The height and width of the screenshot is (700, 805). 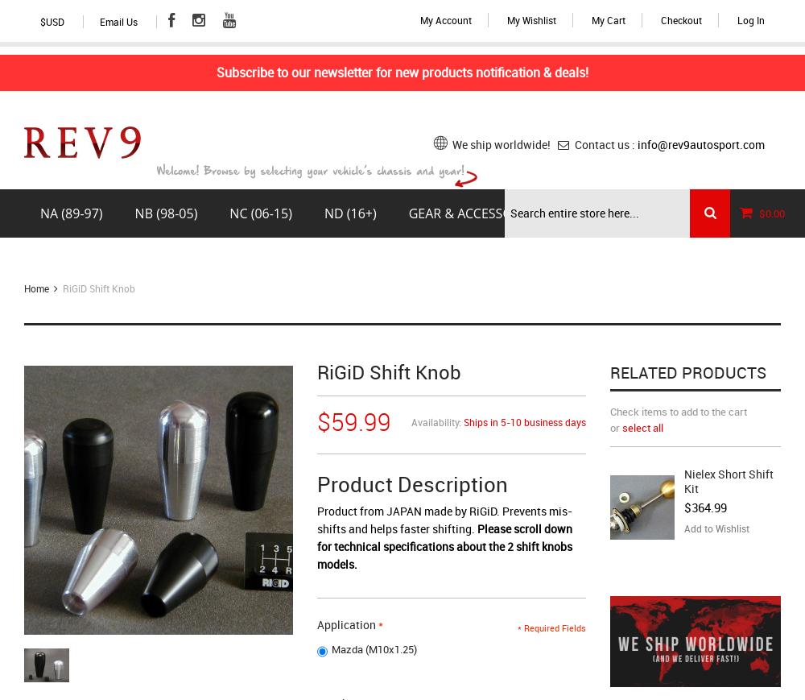 I want to click on 'Brands', so click(x=594, y=212).